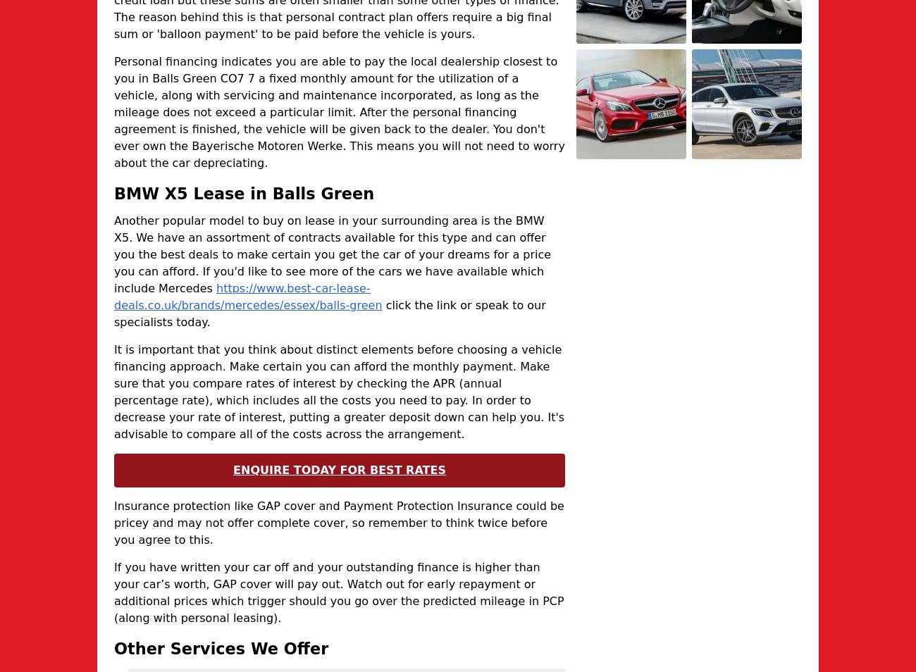  Describe the element at coordinates (338, 592) in the screenshot. I see `'If you have written your car off and your outstanding finance is higher than your car’s worth, GAP cover will pay out. Watch out for early repayment or additional prices which trigger should you go over the predicted mileage in PCP (along with personal leasing).'` at that location.